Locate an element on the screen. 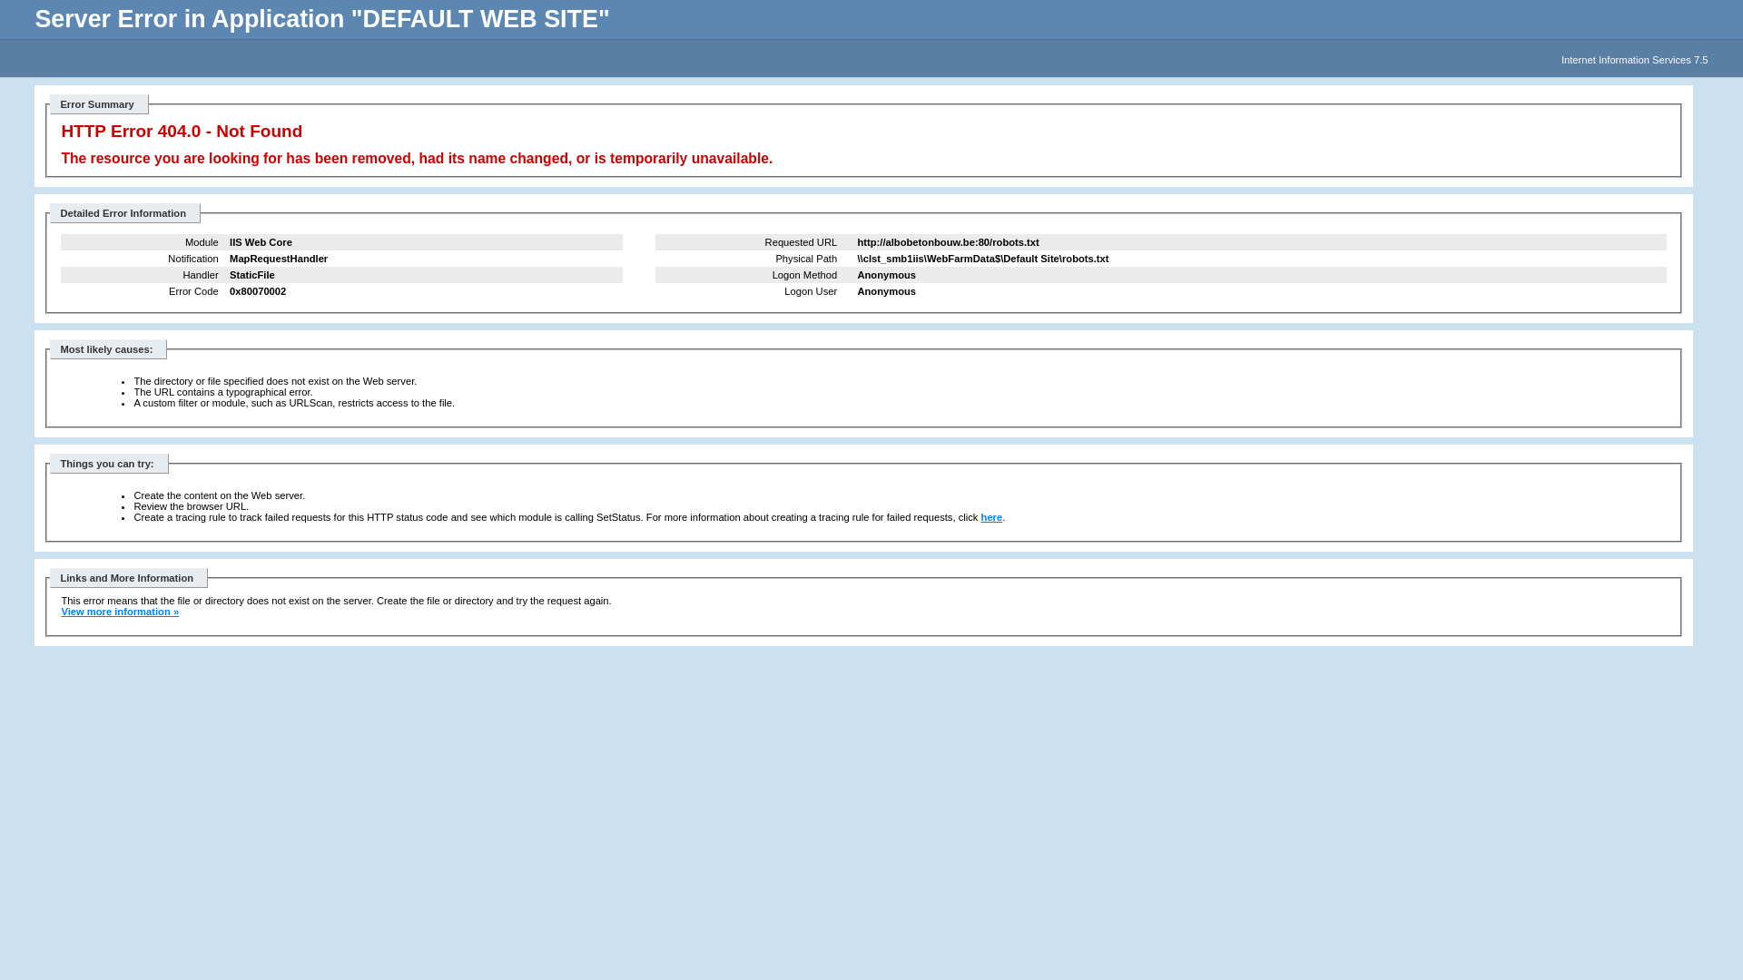 This screenshot has width=1743, height=980. 'here' is located at coordinates (991, 517).